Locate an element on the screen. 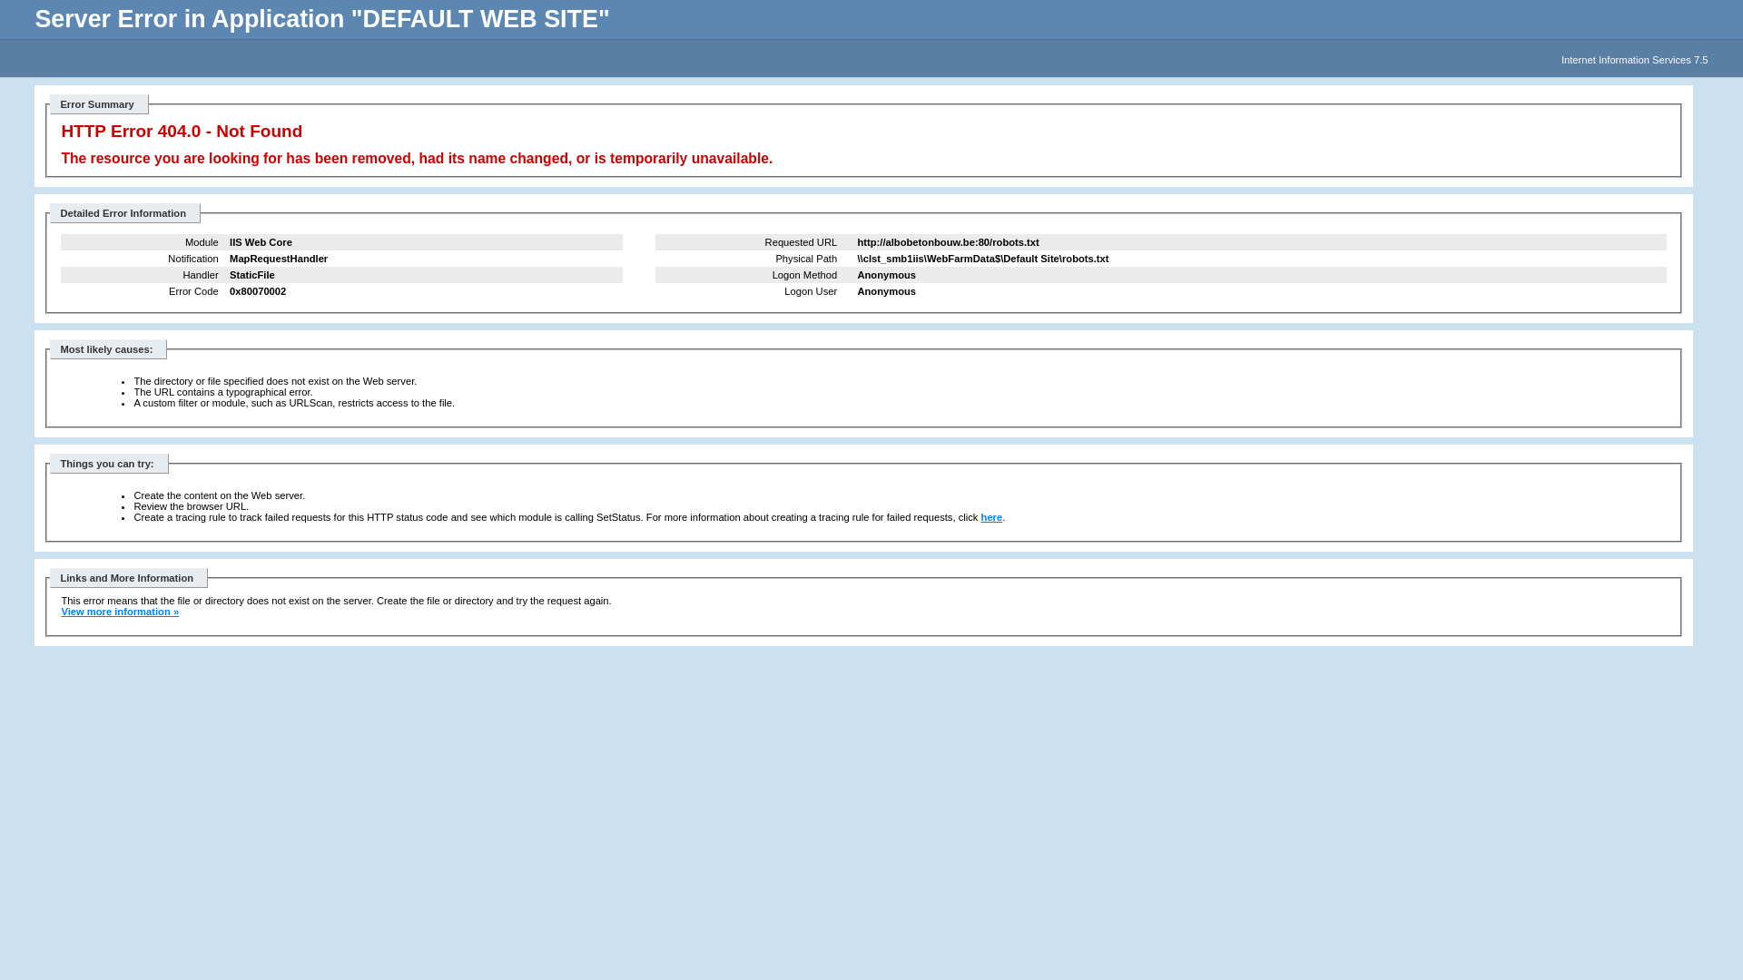 This screenshot has width=1743, height=980. 'here' is located at coordinates (991, 517).